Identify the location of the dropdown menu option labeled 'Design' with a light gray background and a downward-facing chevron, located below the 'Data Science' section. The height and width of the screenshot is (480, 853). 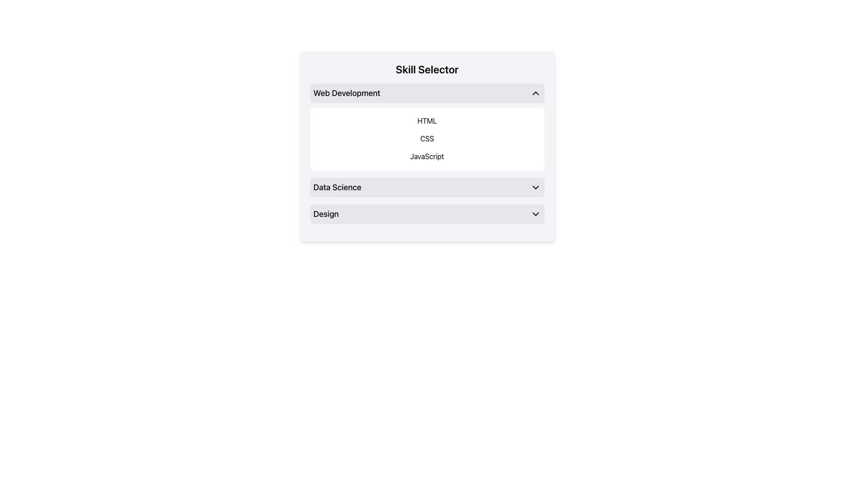
(427, 214).